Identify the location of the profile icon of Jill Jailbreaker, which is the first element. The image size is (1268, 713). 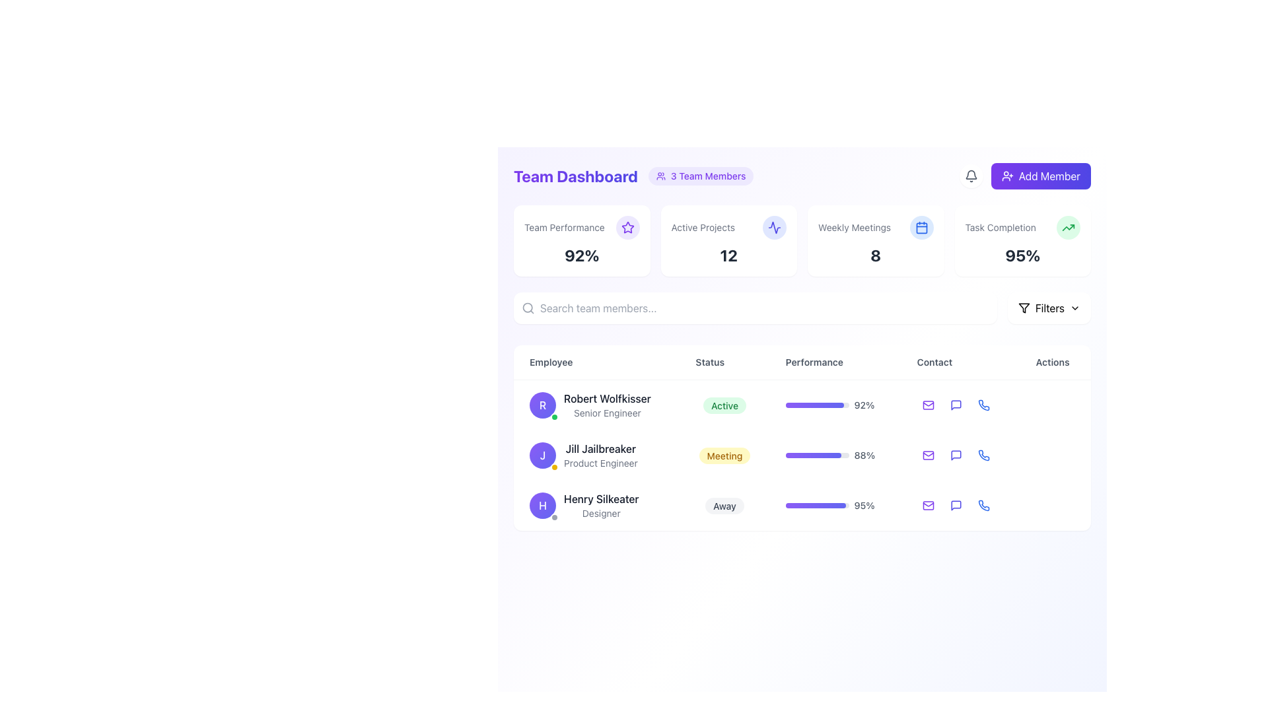
(542, 455).